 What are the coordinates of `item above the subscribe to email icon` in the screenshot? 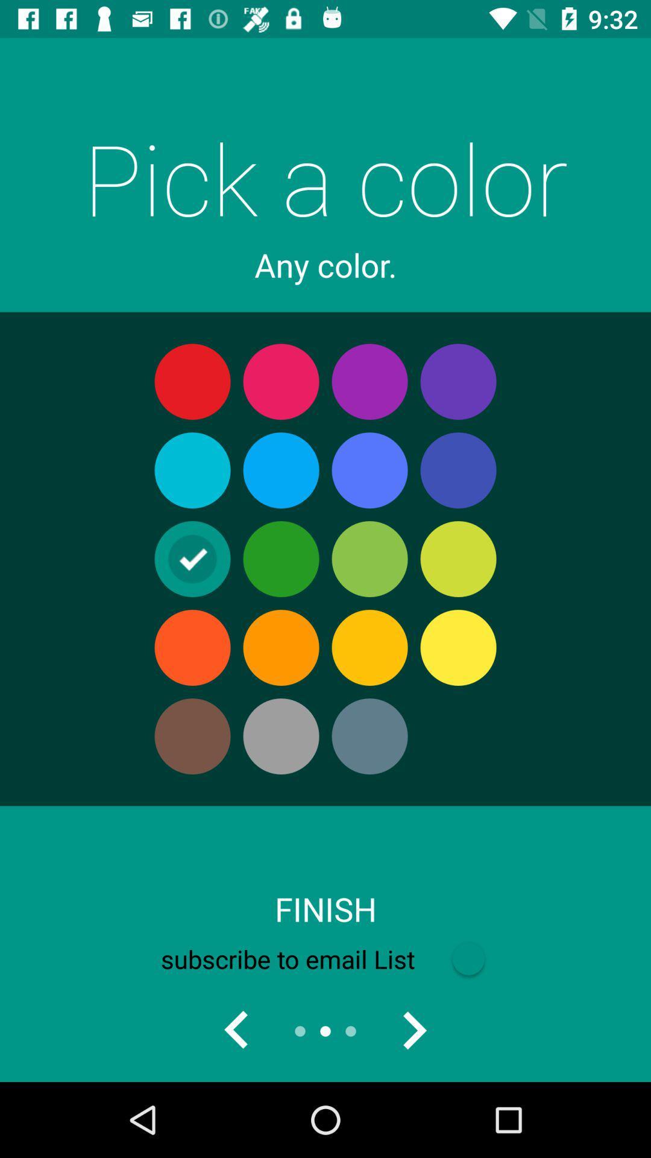 It's located at (325, 909).